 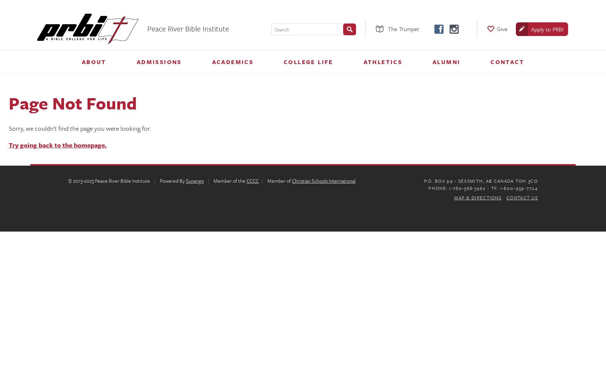 What do you see at coordinates (79, 128) in the screenshot?
I see `'Sorry, we couldn't find the page you were looking for.'` at bounding box center [79, 128].